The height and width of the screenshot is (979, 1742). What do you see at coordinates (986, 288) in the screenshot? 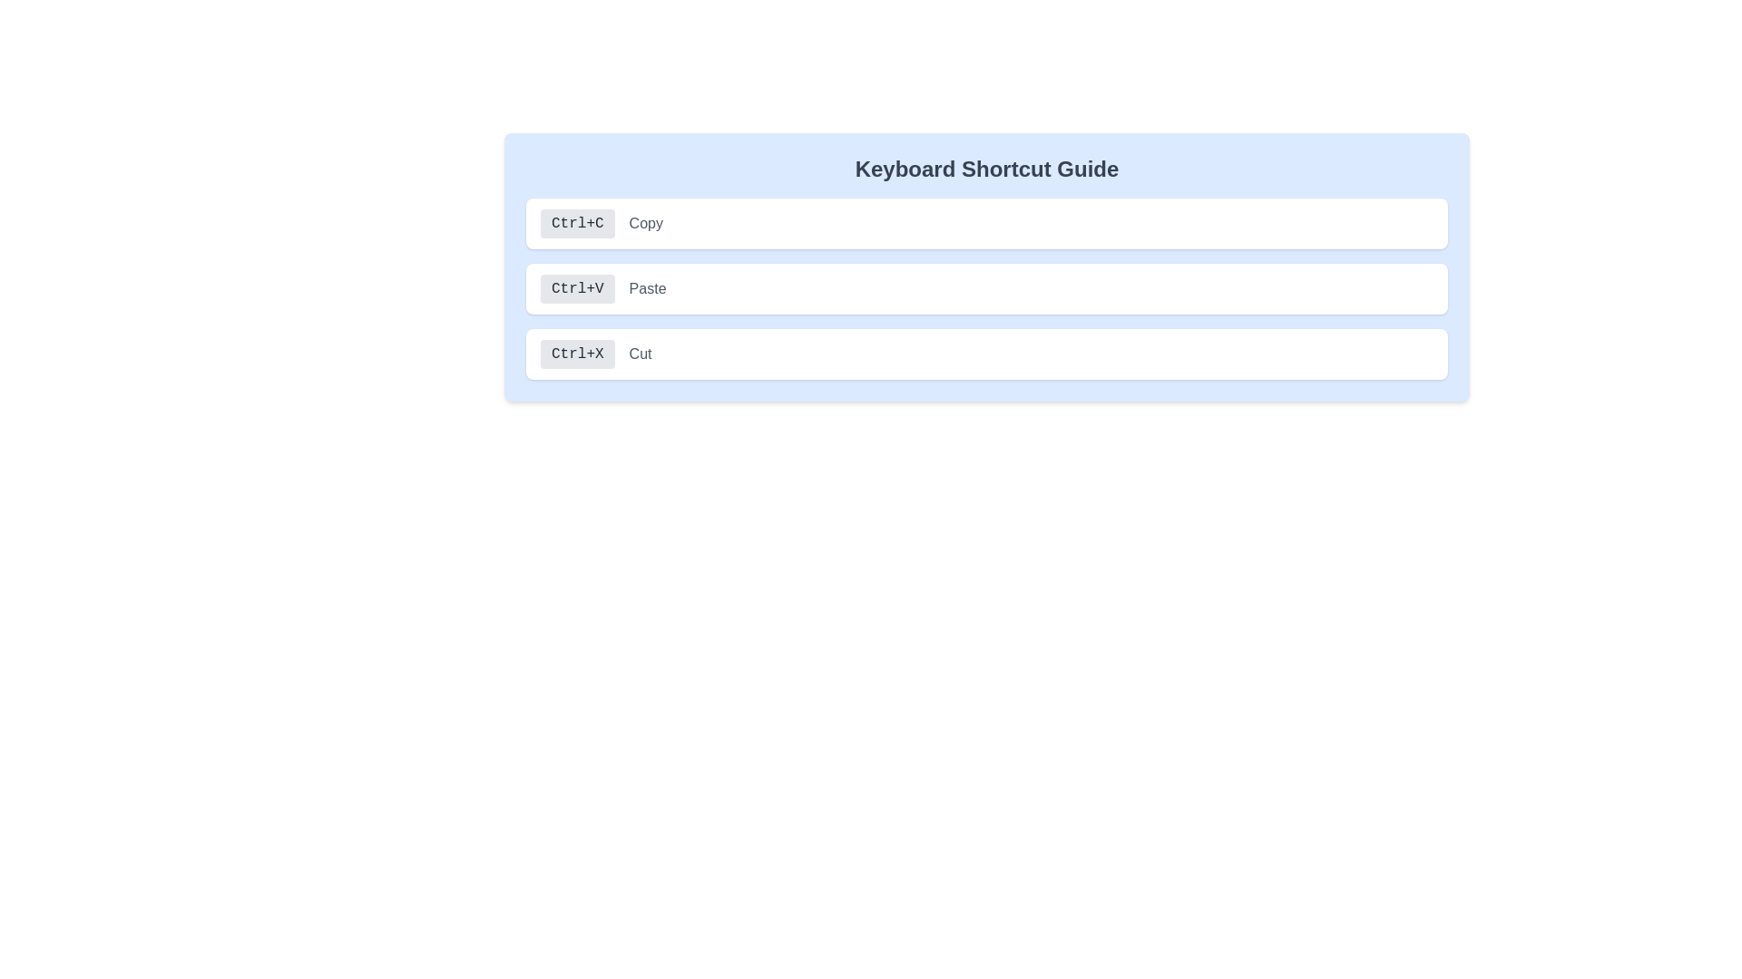
I see `the second button-like information panel that represents the 'Paste' action, displaying the 'Ctrl+V' shortcut, located in the middle of a vertically stacked list of similar elements` at bounding box center [986, 288].